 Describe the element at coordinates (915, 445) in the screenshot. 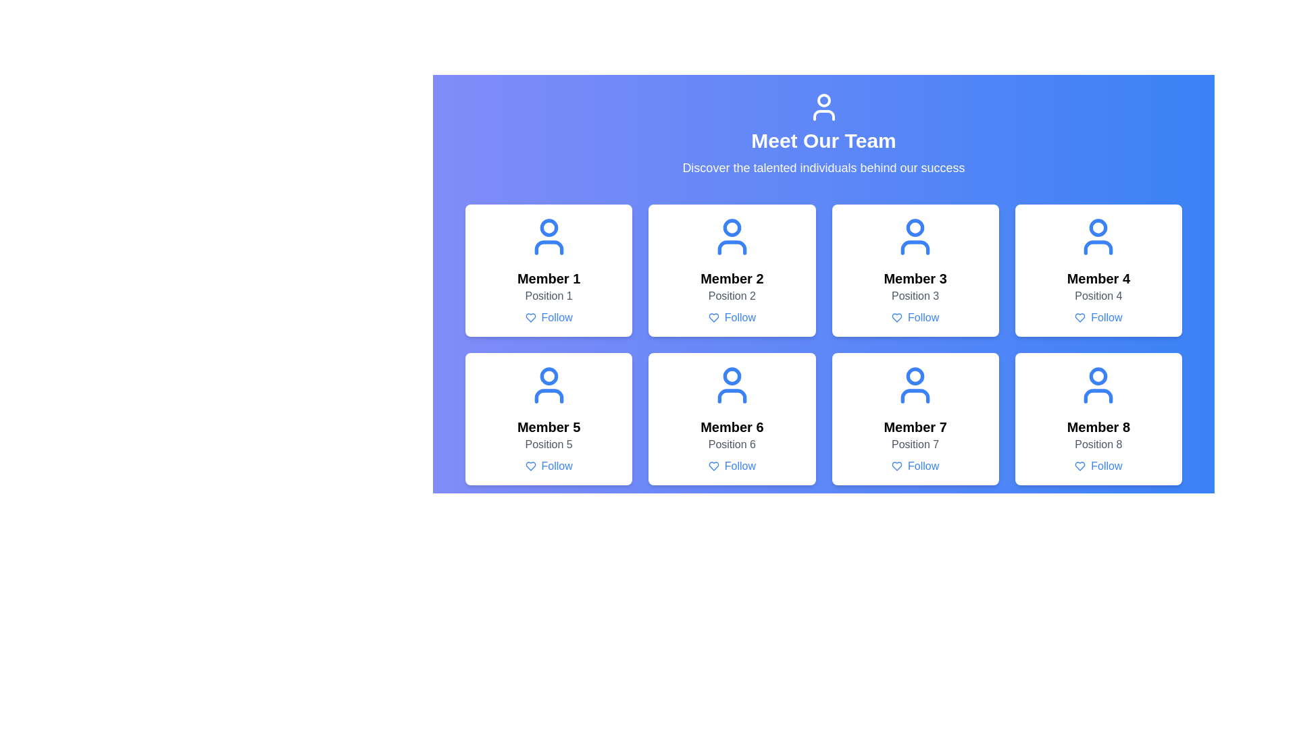

I see `the text label displaying 'Position 7', which is located directly below the bold text 'Member 7' in the card for Member 7` at that location.